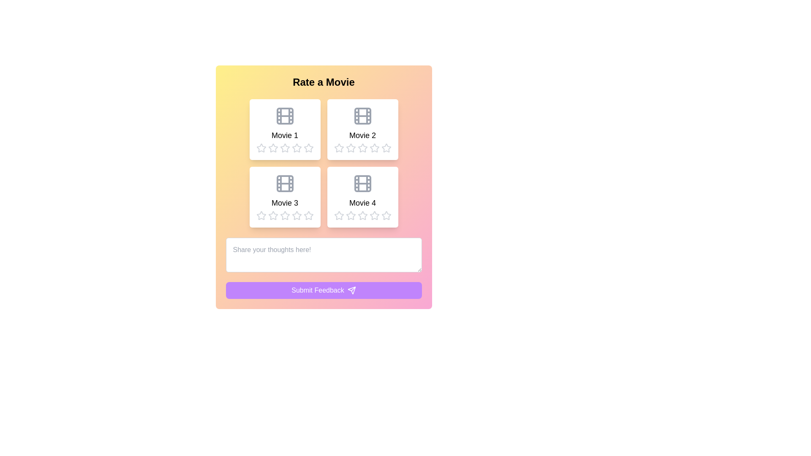 This screenshot has width=811, height=456. What do you see at coordinates (362, 183) in the screenshot?
I see `the decorative graphic element located centrally within the film reel icon in the fourth card (Movie 4) on the bottom-right side of the movie rating grid` at bounding box center [362, 183].